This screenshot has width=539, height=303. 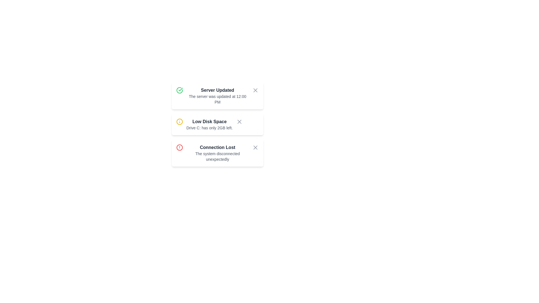 What do you see at coordinates (217, 96) in the screenshot?
I see `the server update notification message displayed in the topmost text block of the notification list` at bounding box center [217, 96].